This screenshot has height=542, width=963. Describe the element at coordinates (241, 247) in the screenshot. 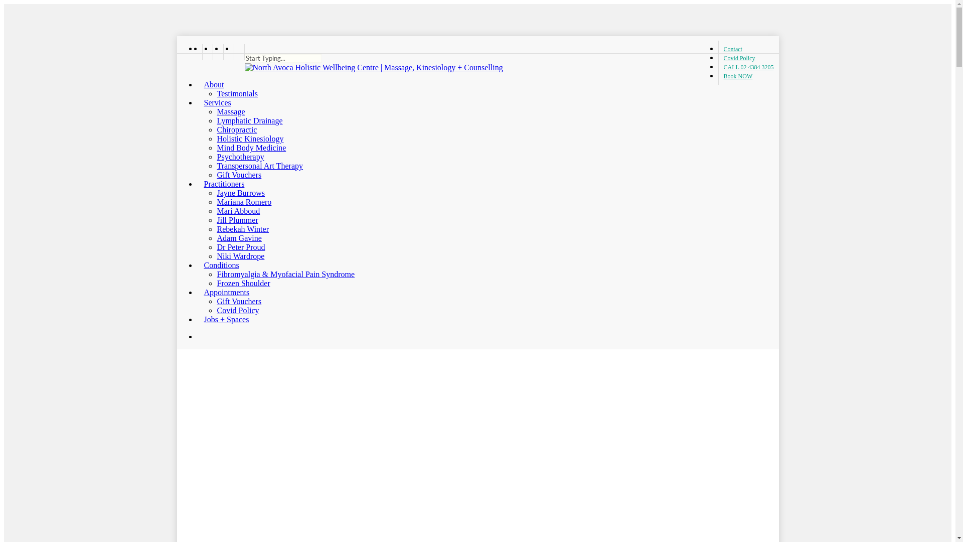

I see `'Dr Peter Proud'` at that location.